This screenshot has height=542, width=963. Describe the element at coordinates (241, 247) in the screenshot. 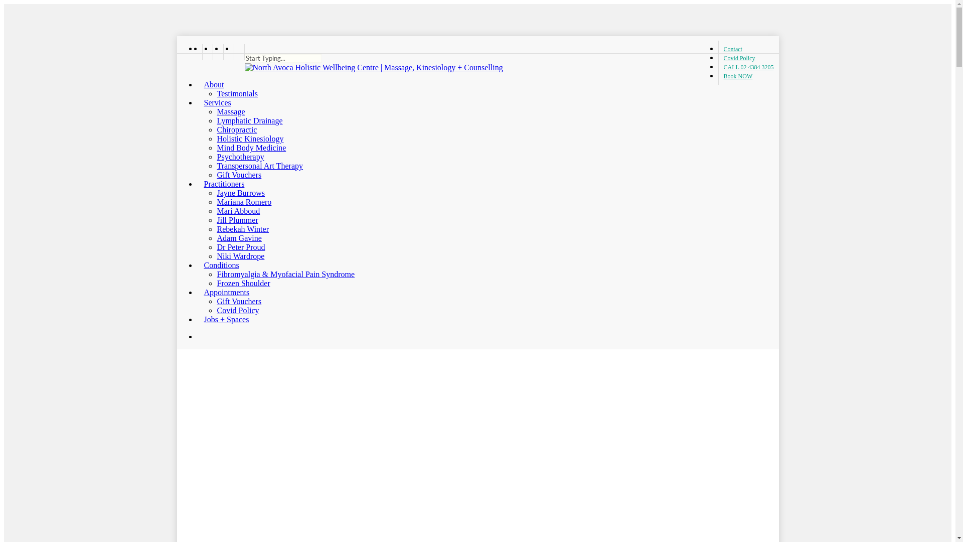

I see `'Dr Peter Proud'` at that location.